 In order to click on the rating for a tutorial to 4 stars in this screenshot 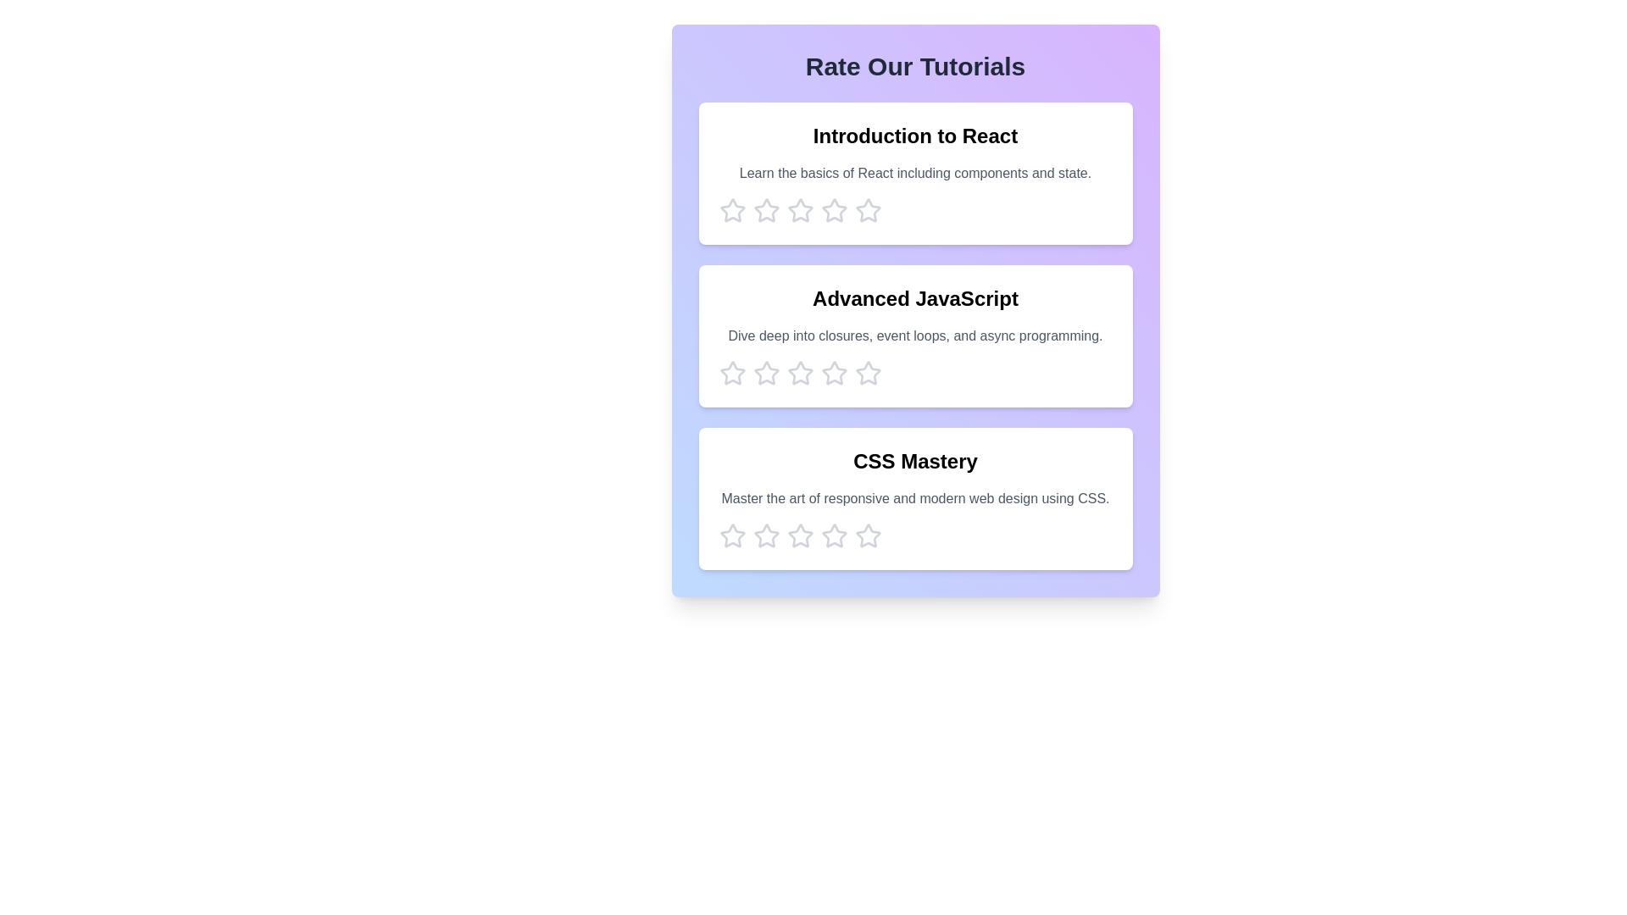, I will do `click(834, 210)`.